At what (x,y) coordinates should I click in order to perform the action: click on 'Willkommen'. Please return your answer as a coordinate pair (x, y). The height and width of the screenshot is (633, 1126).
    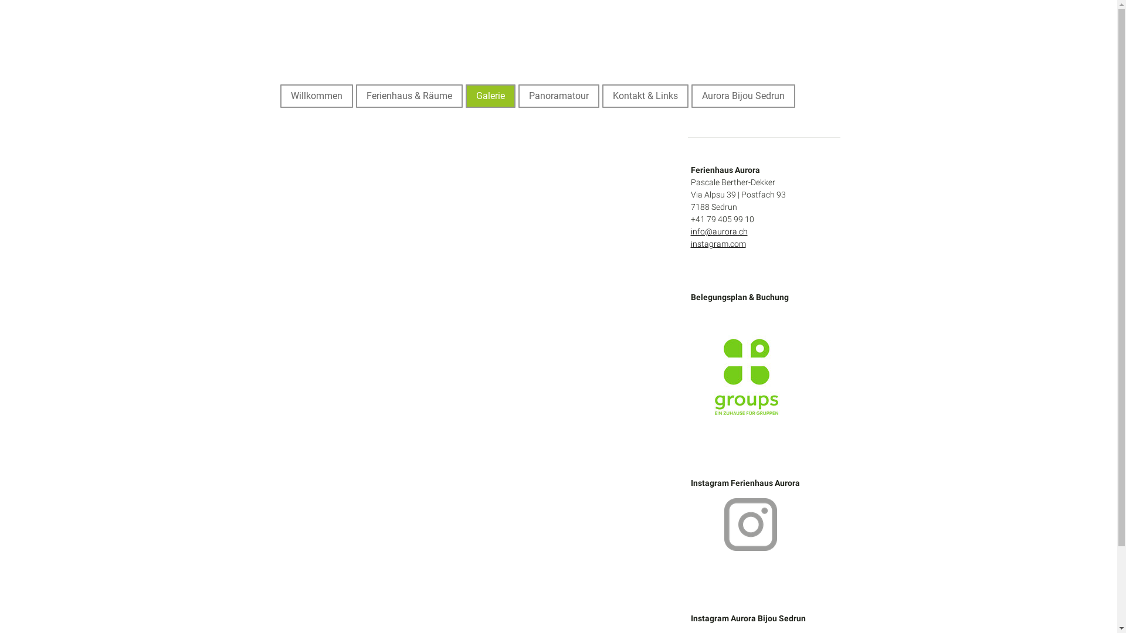
    Looking at the image, I should click on (316, 96).